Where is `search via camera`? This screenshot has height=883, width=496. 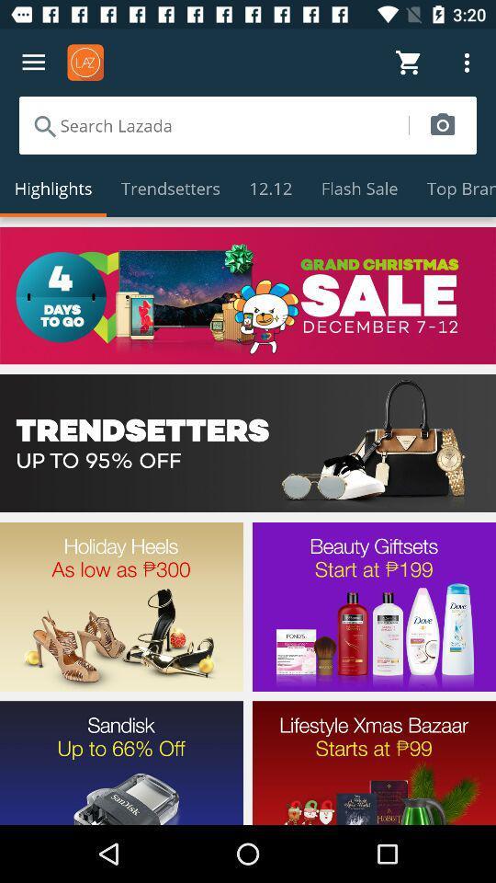 search via camera is located at coordinates (442, 124).